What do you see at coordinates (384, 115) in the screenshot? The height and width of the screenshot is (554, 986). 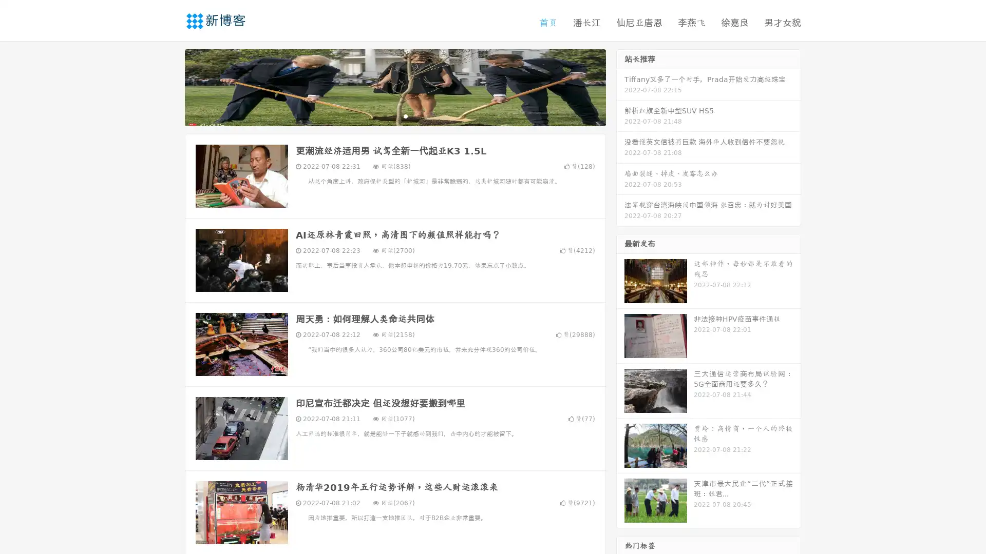 I see `Go to slide 1` at bounding box center [384, 115].